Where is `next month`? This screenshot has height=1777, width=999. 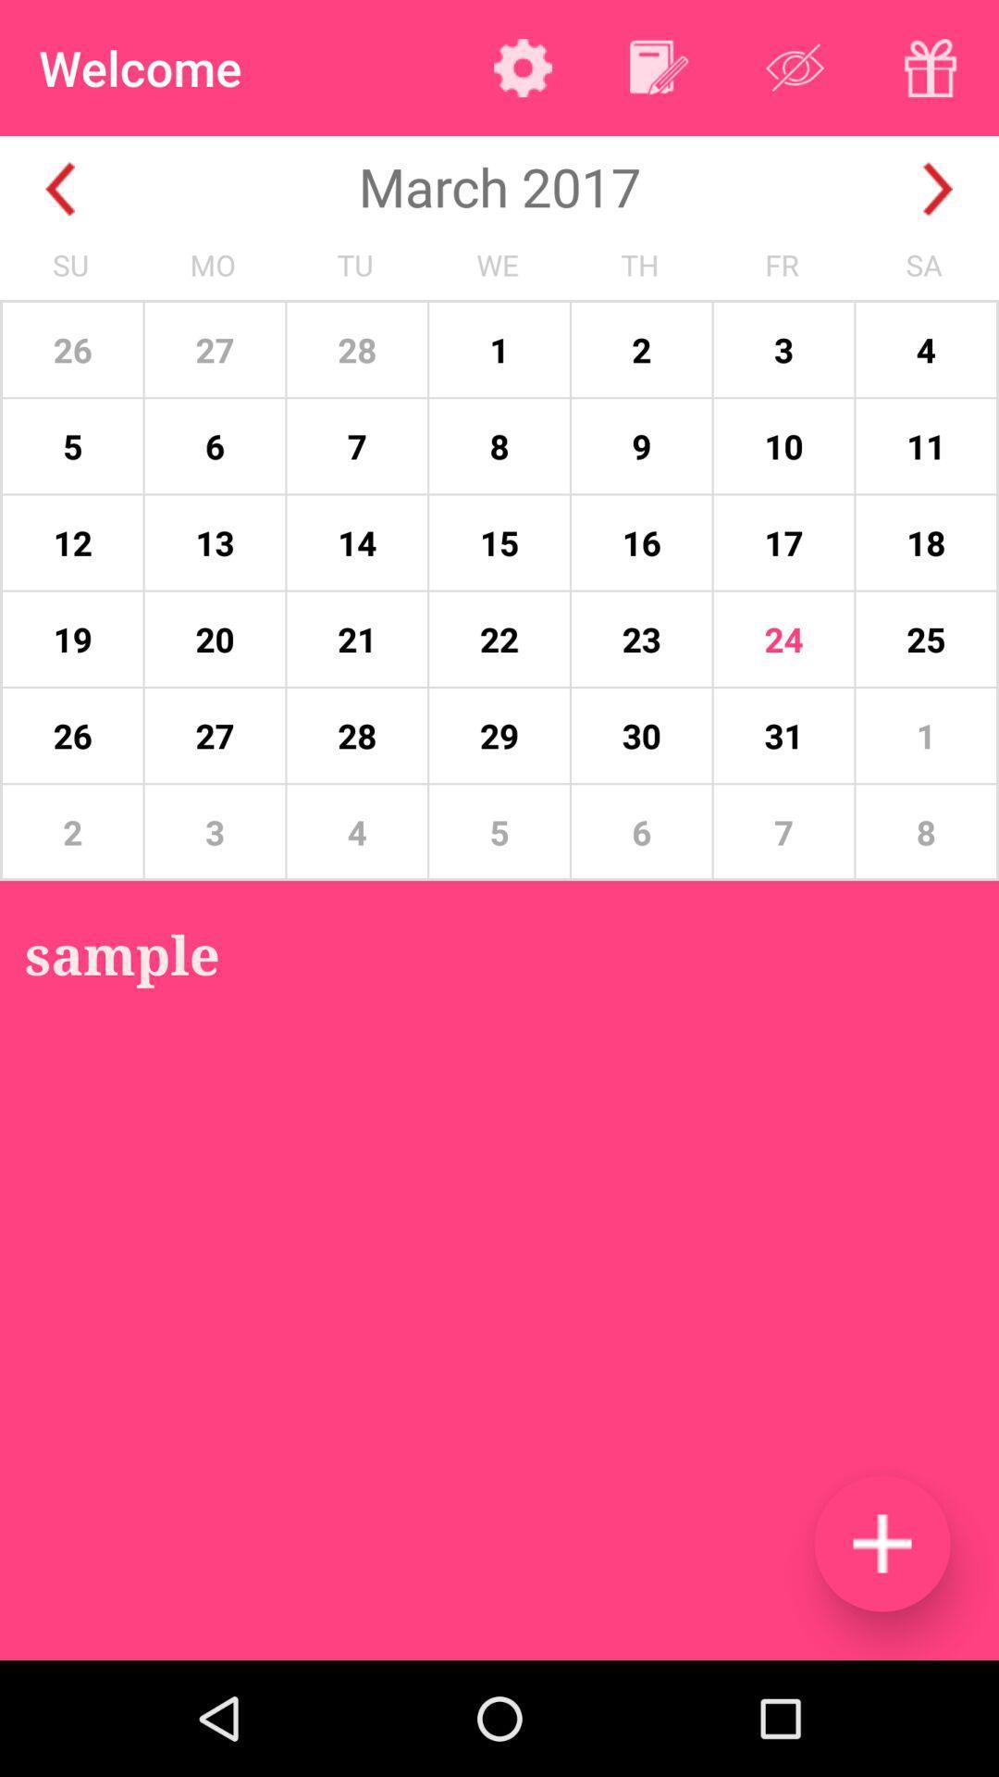 next month is located at coordinates (938, 189).